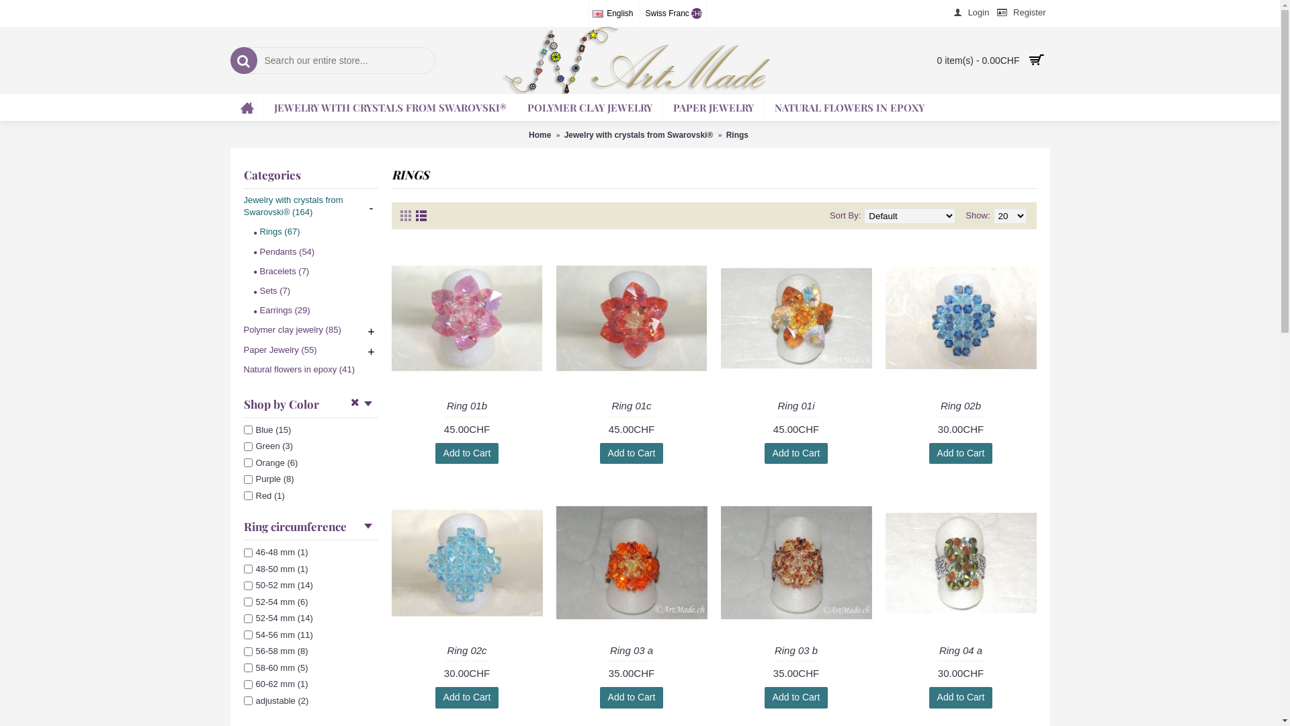 The height and width of the screenshot is (726, 1290). What do you see at coordinates (590, 106) in the screenshot?
I see `'POLYMER CLAY JEWELRY'` at bounding box center [590, 106].